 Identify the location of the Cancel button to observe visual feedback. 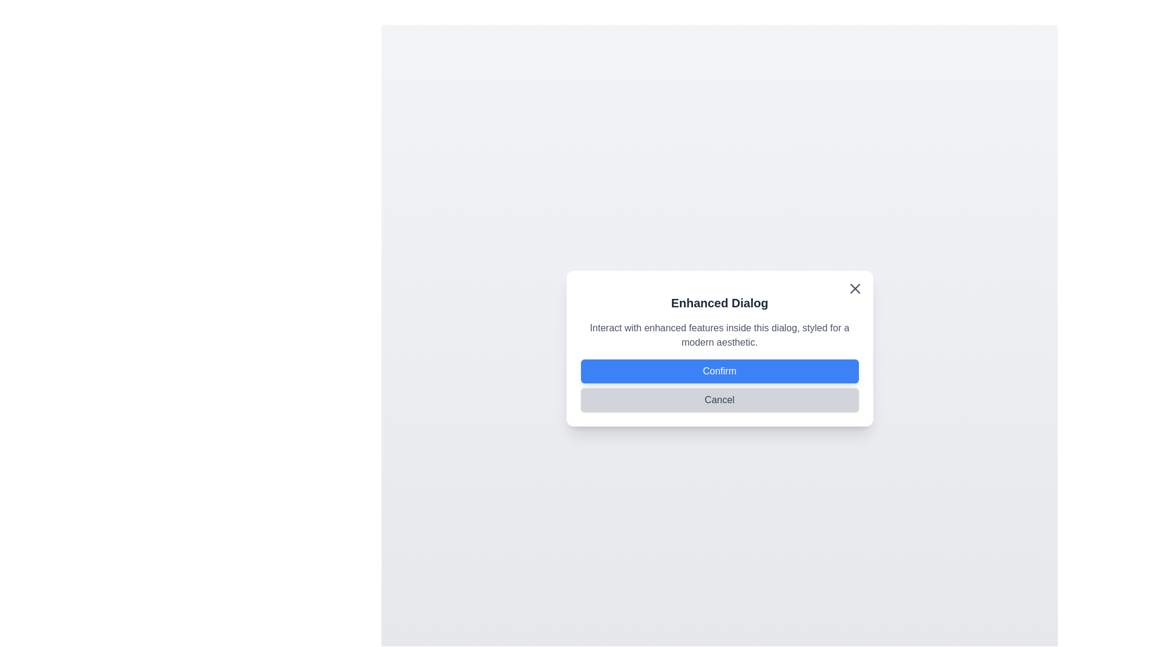
(719, 400).